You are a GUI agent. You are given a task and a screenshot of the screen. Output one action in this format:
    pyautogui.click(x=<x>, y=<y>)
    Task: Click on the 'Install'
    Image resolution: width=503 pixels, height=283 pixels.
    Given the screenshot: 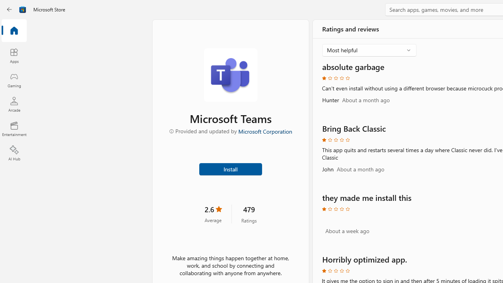 What is the action you would take?
    pyautogui.click(x=230, y=168)
    